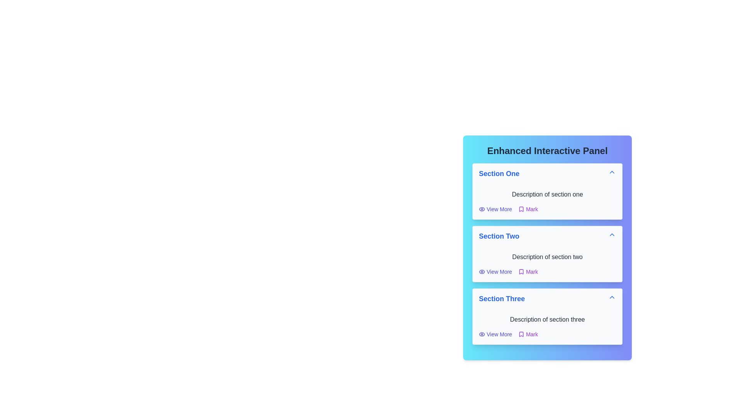  What do you see at coordinates (528, 209) in the screenshot?
I see `the 'Mark' button-like interactive text label with a purple bookmark icon` at bounding box center [528, 209].